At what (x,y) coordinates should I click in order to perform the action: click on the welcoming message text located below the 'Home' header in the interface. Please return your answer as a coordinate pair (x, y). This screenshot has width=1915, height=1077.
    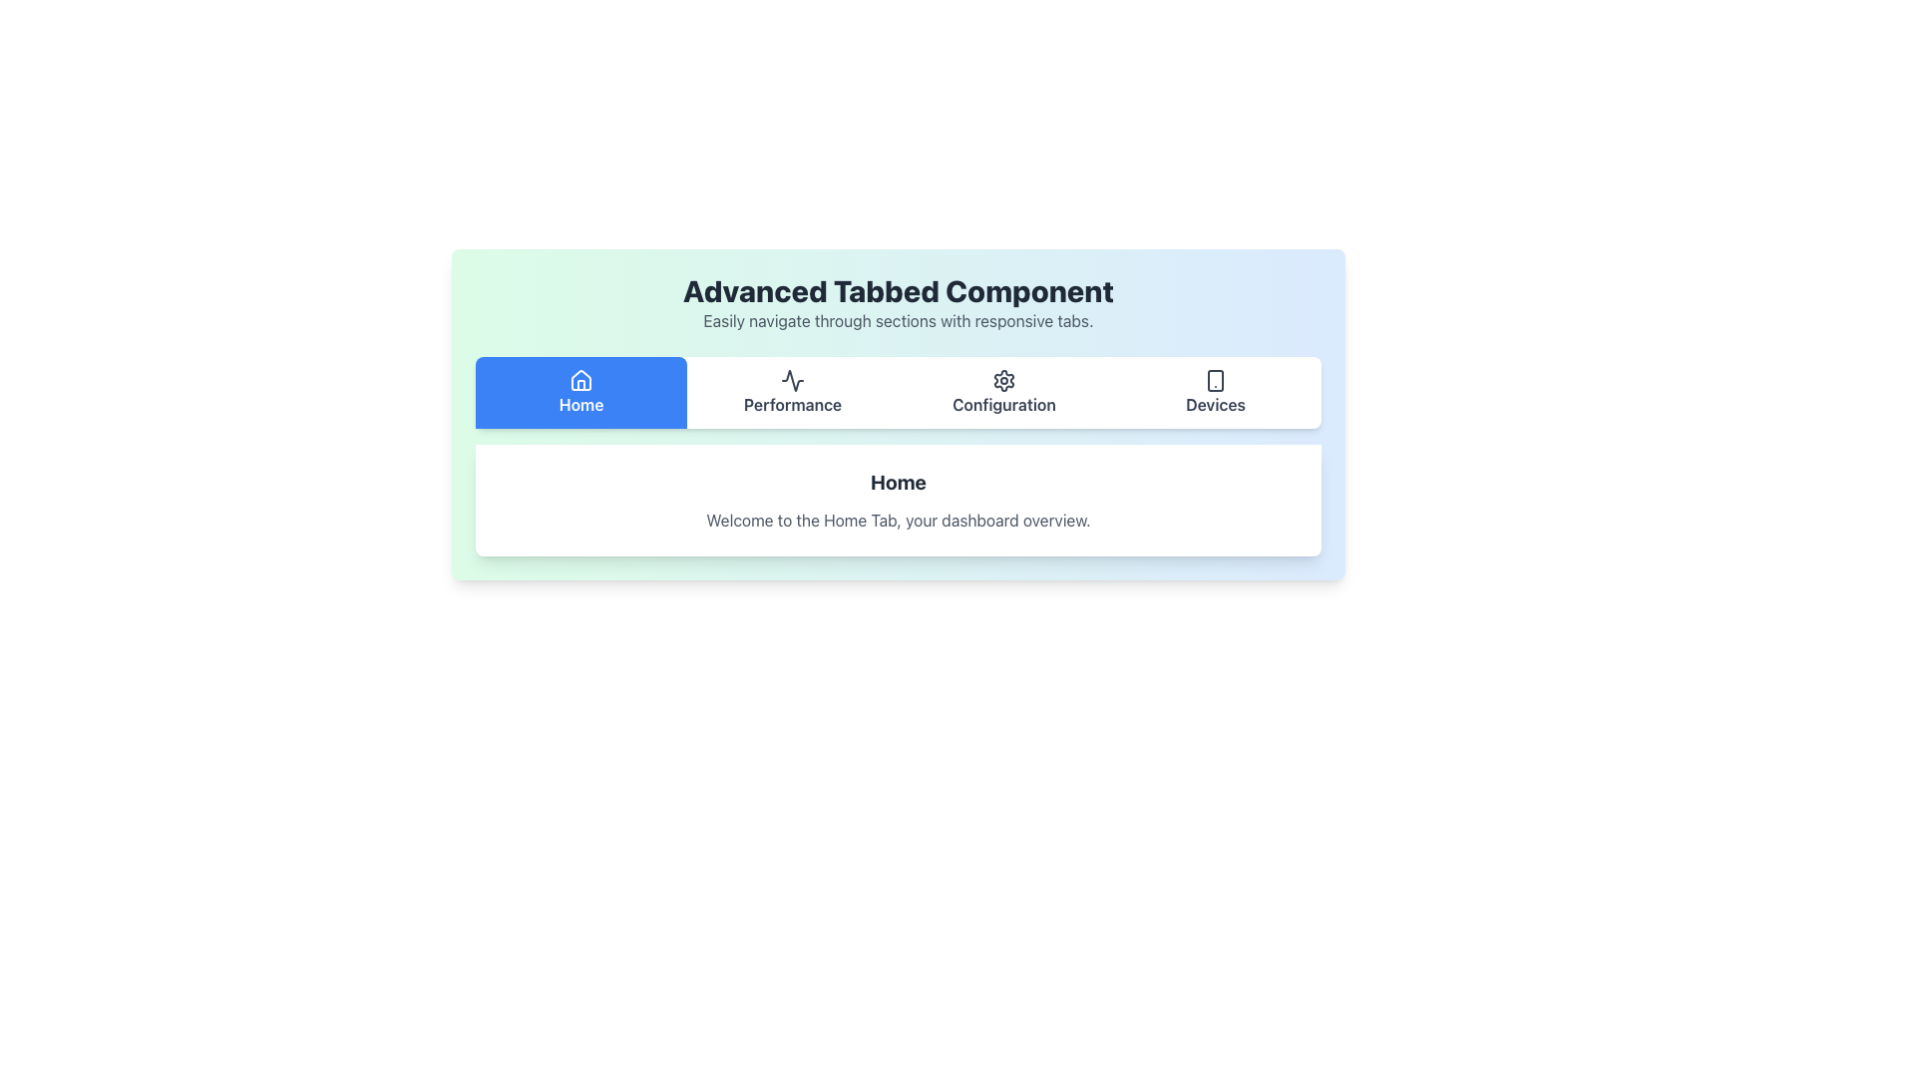
    Looking at the image, I should click on (898, 519).